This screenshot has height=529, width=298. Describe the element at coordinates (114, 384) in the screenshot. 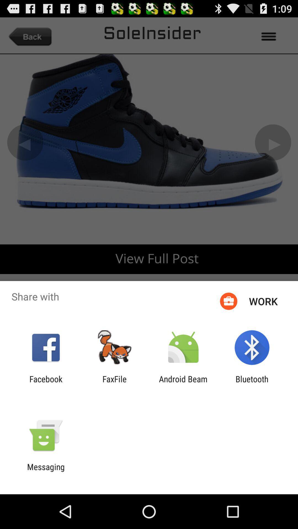

I see `the icon to the right of facebook` at that location.